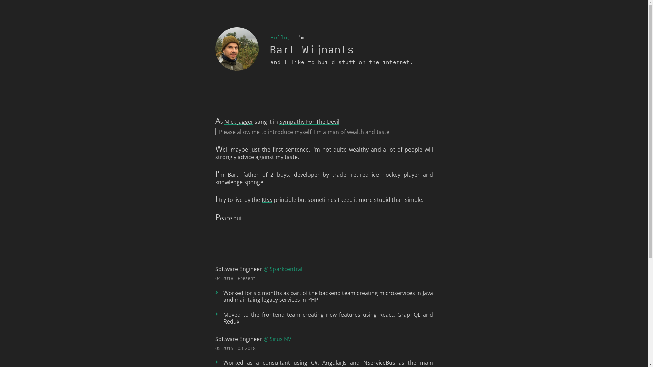 The height and width of the screenshot is (367, 653). Describe the element at coordinates (266, 199) in the screenshot. I see `'KISS'` at that location.